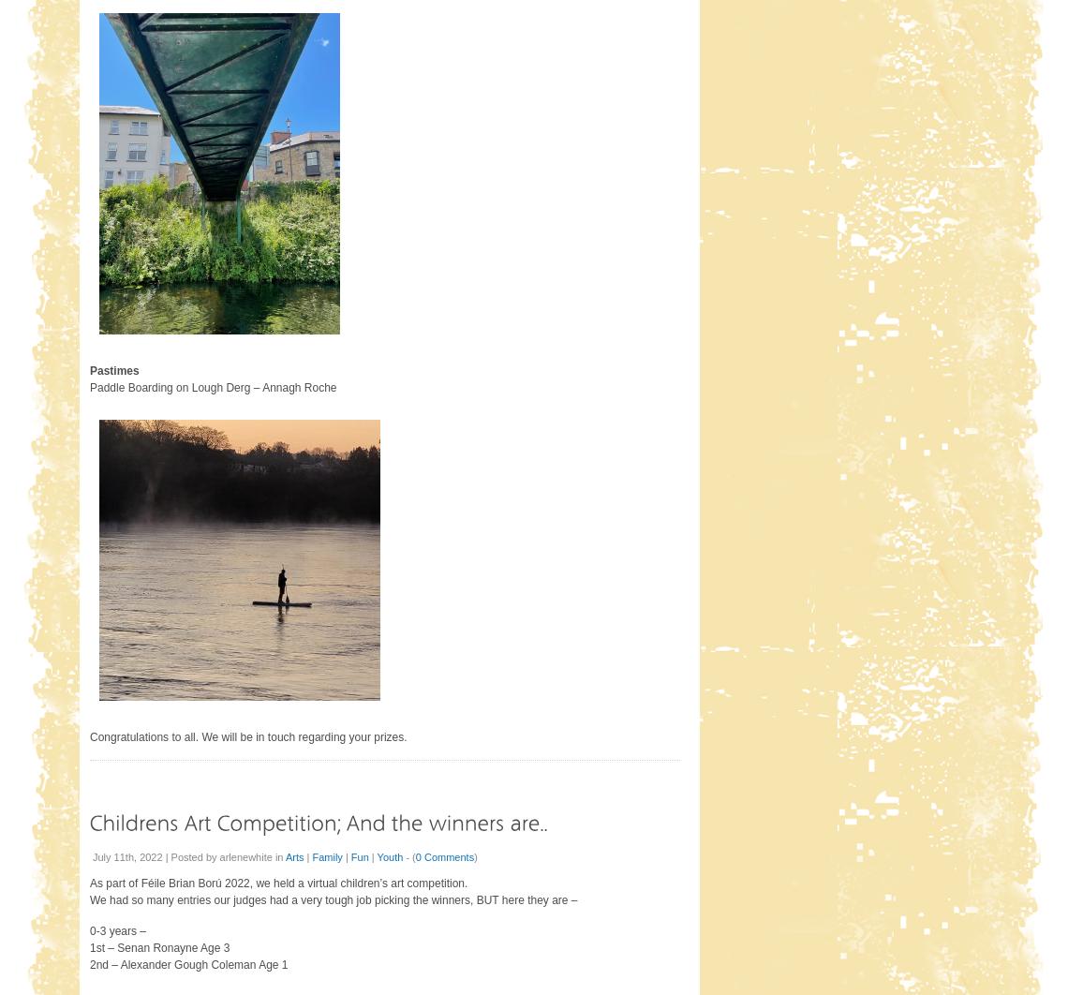 The height and width of the screenshot is (995, 1068). What do you see at coordinates (388, 854) in the screenshot?
I see `'Youth'` at bounding box center [388, 854].